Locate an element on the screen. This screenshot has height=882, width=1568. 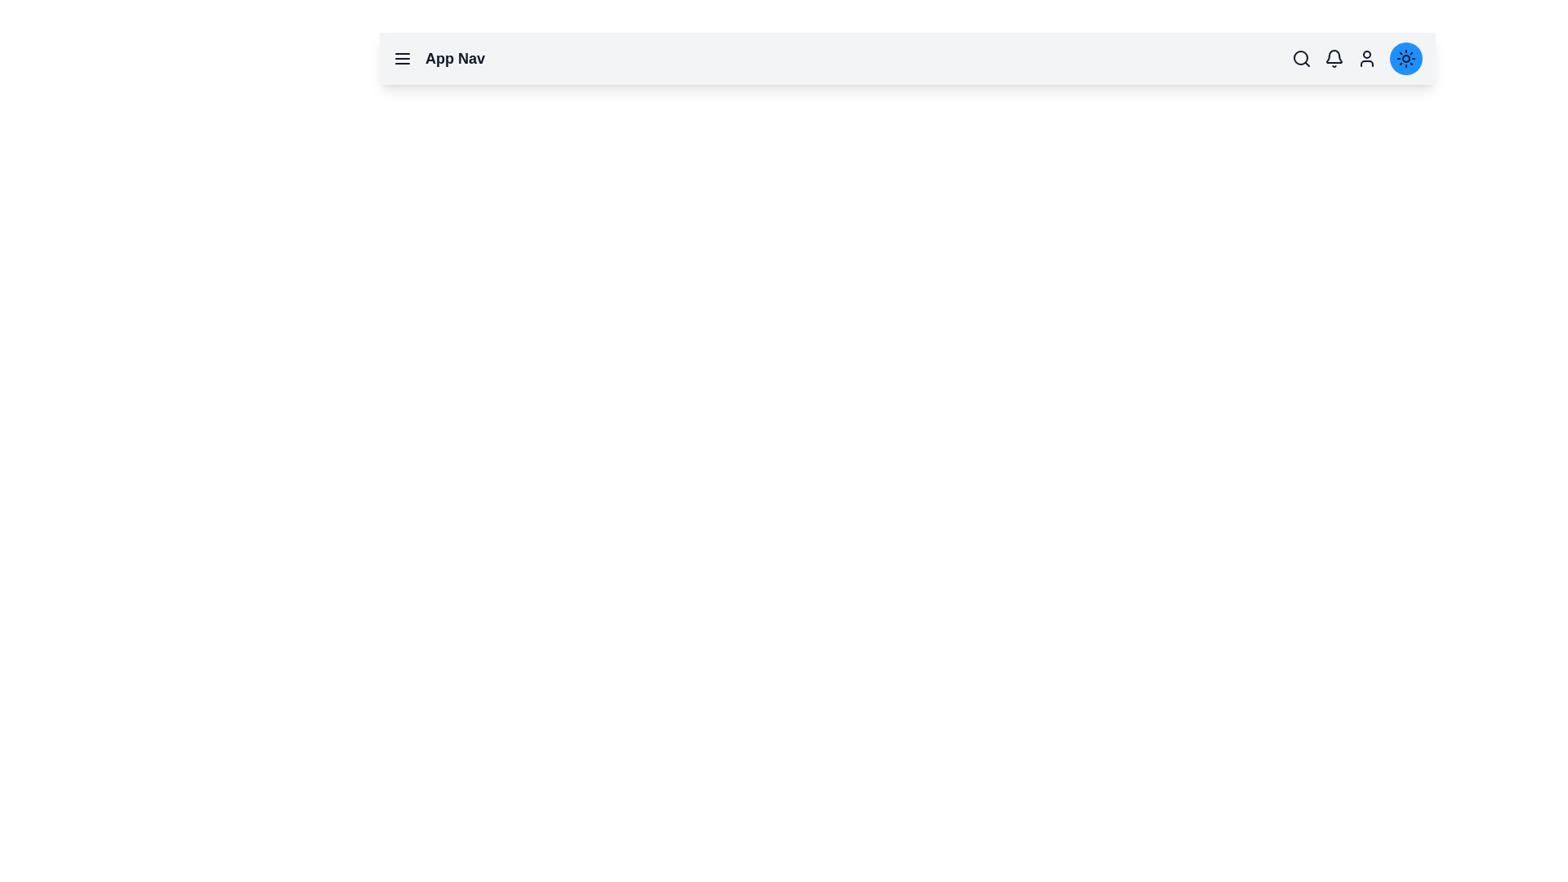
the theme toggle button to switch between light and dark themes is located at coordinates (1405, 58).